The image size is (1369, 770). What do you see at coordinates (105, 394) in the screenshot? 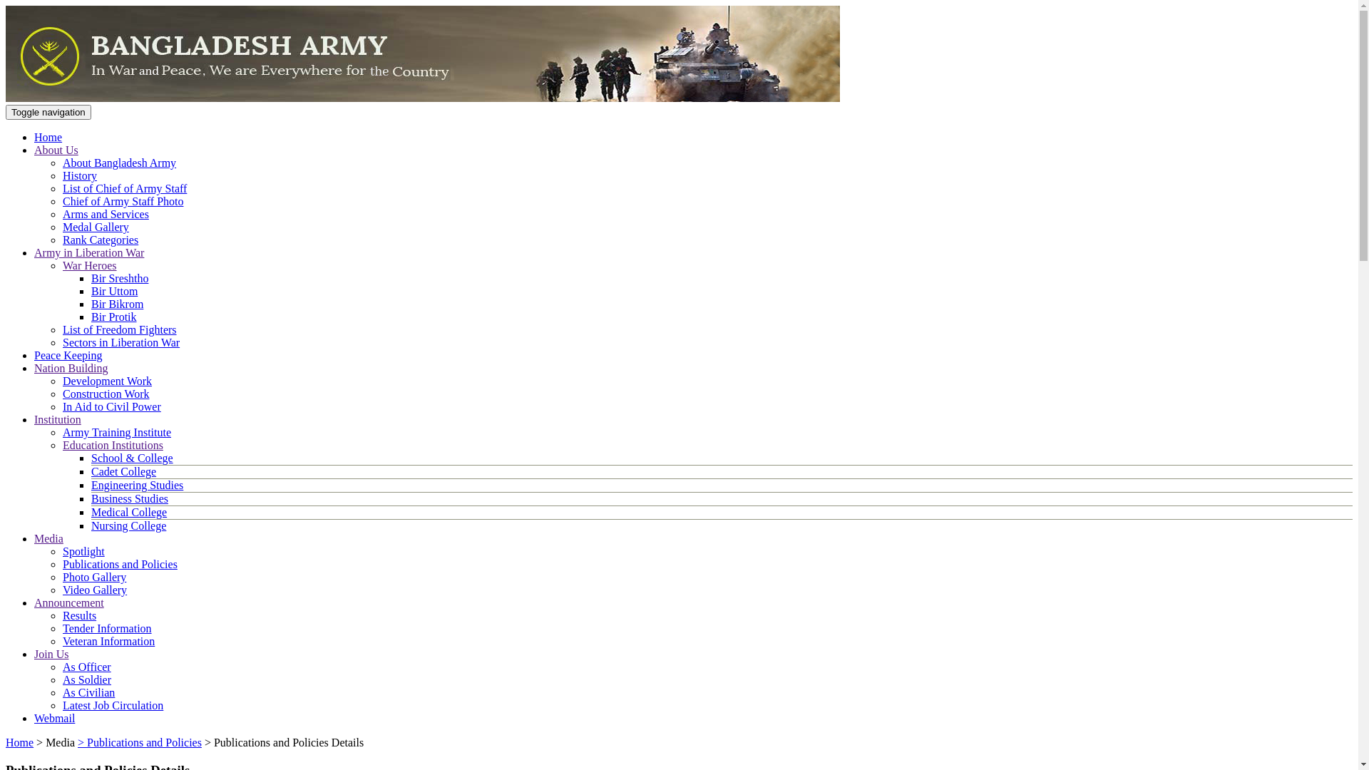
I see `'Construction Work'` at bounding box center [105, 394].